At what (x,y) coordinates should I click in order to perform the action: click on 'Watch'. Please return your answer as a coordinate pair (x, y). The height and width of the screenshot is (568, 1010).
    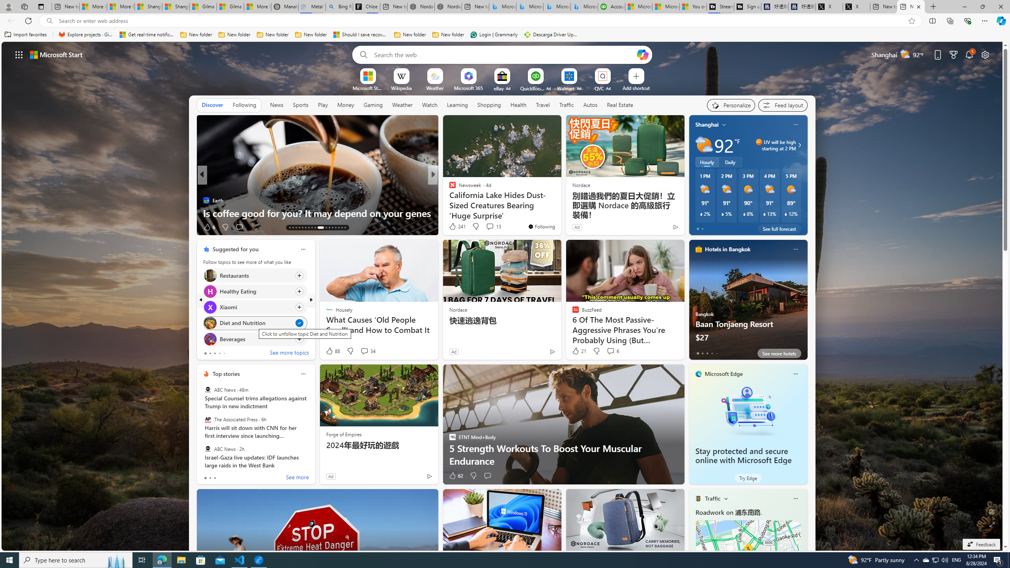
    Looking at the image, I should click on (429, 104).